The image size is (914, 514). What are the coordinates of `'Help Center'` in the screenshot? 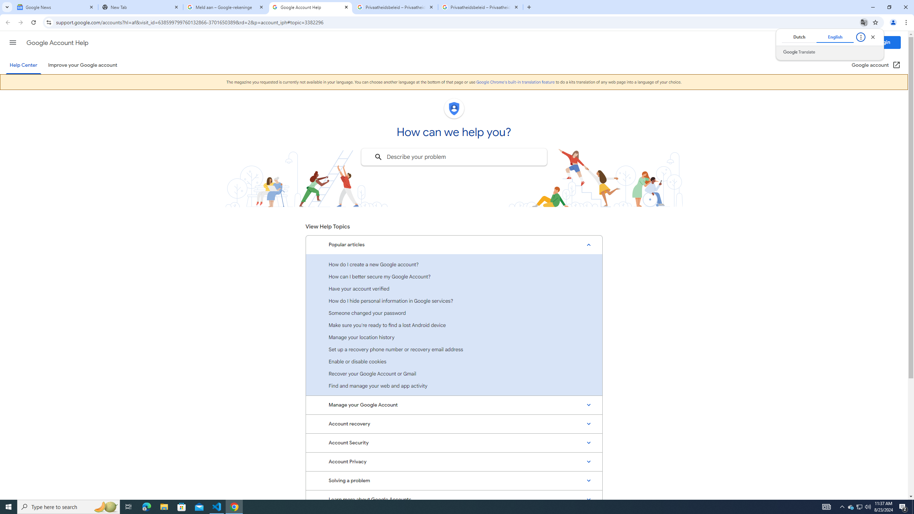 It's located at (23, 65).